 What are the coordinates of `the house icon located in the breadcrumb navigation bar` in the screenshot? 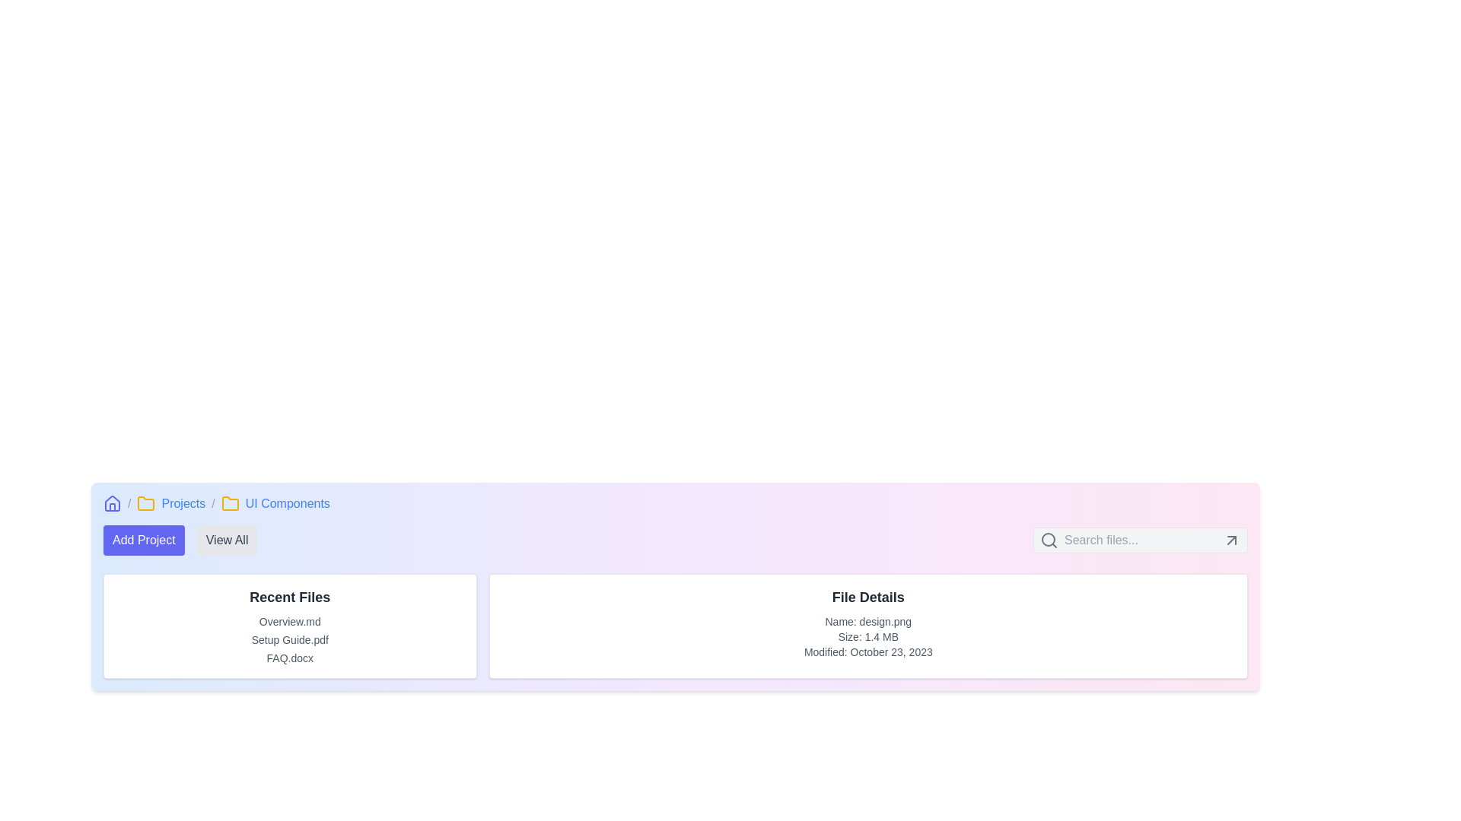 It's located at (112, 503).